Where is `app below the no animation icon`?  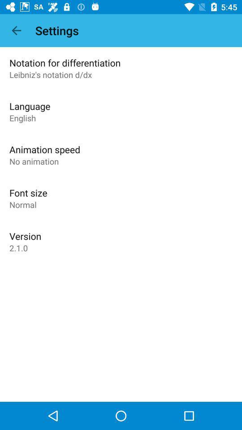 app below the no animation icon is located at coordinates (28, 193).